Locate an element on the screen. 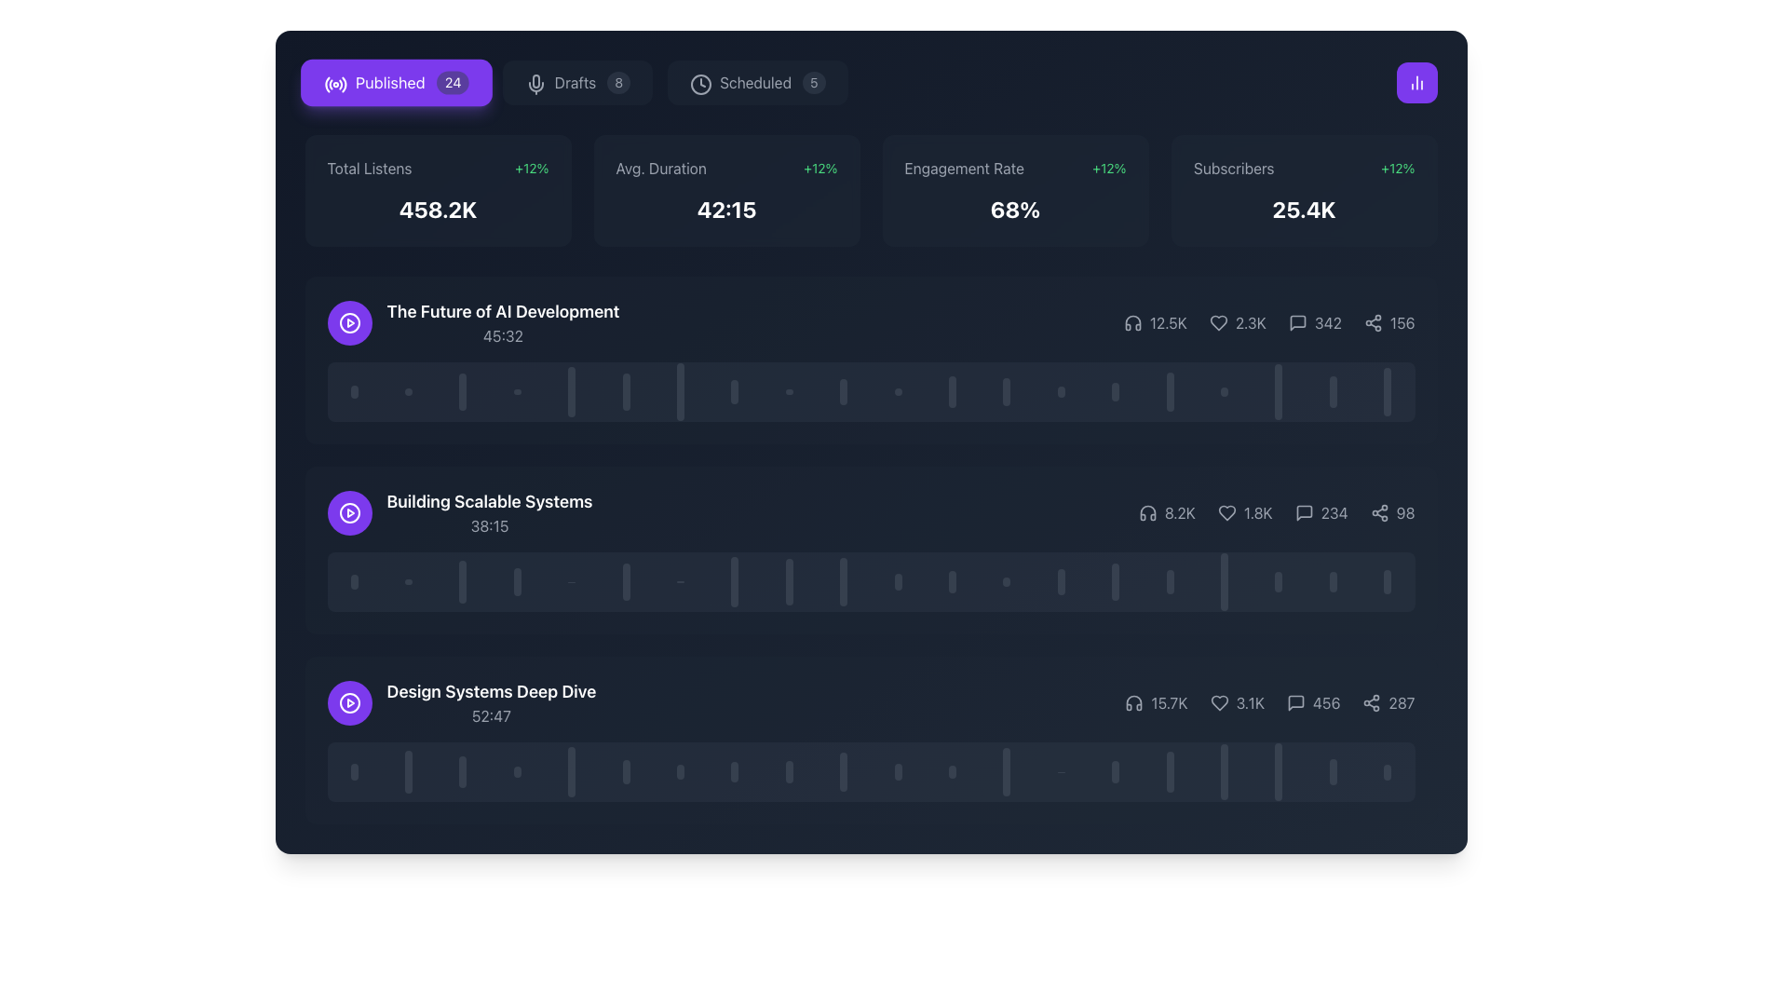  the text display element that represents a quantitative metric, positioned in the bottom row of the page and adjacent to an icon, specifically located to the left of the blocks showing '3.1K', '456', and '287' is located at coordinates (1156, 703).